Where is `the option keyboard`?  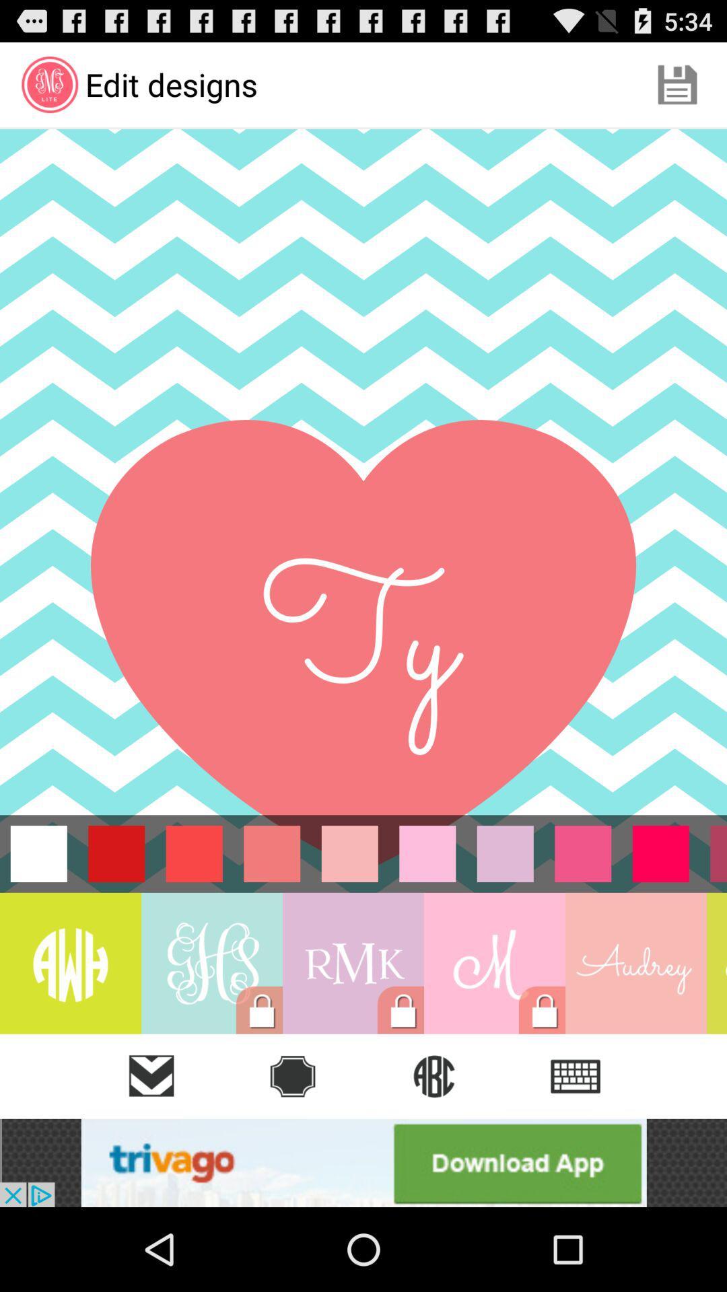
the option keyboard is located at coordinates (576, 1075).